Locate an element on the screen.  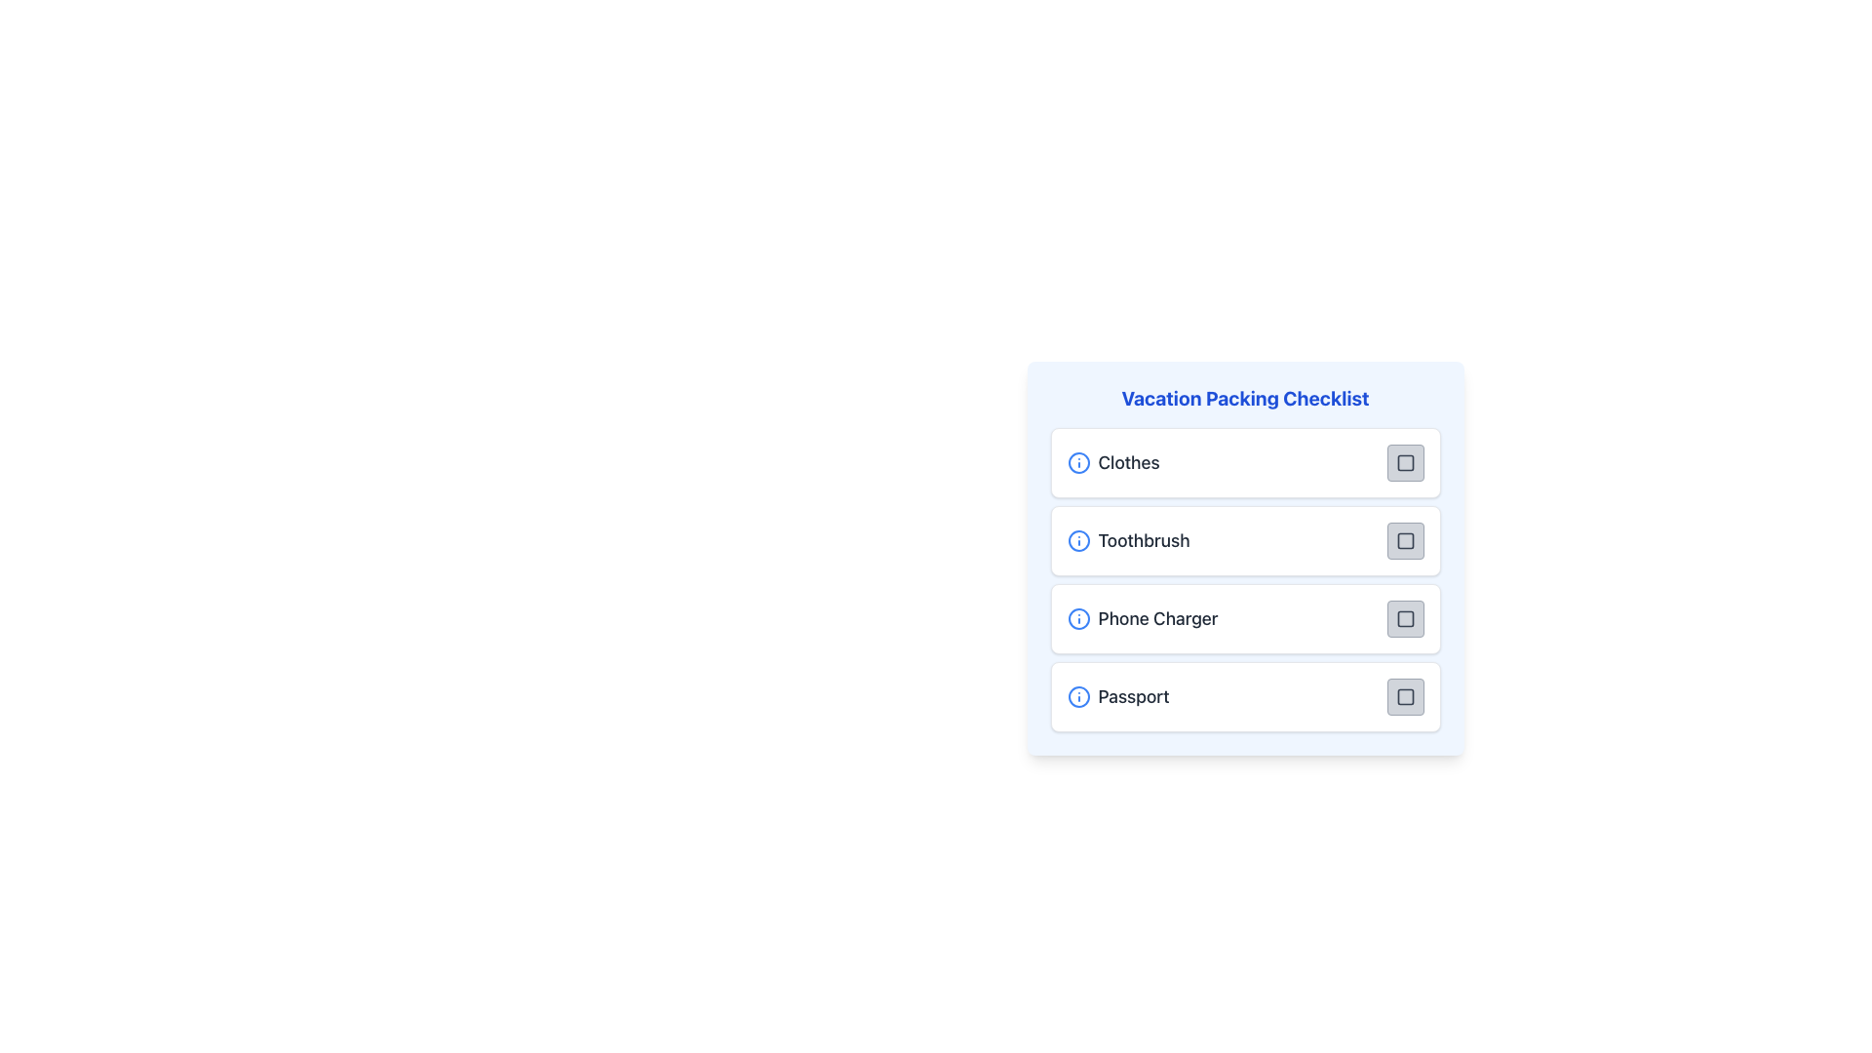
decorative informational icon with a blue outline and fill located next to the 'Toothbrush' label in the second row of the 'Vacation Packing Checklist.' is located at coordinates (1077, 541).